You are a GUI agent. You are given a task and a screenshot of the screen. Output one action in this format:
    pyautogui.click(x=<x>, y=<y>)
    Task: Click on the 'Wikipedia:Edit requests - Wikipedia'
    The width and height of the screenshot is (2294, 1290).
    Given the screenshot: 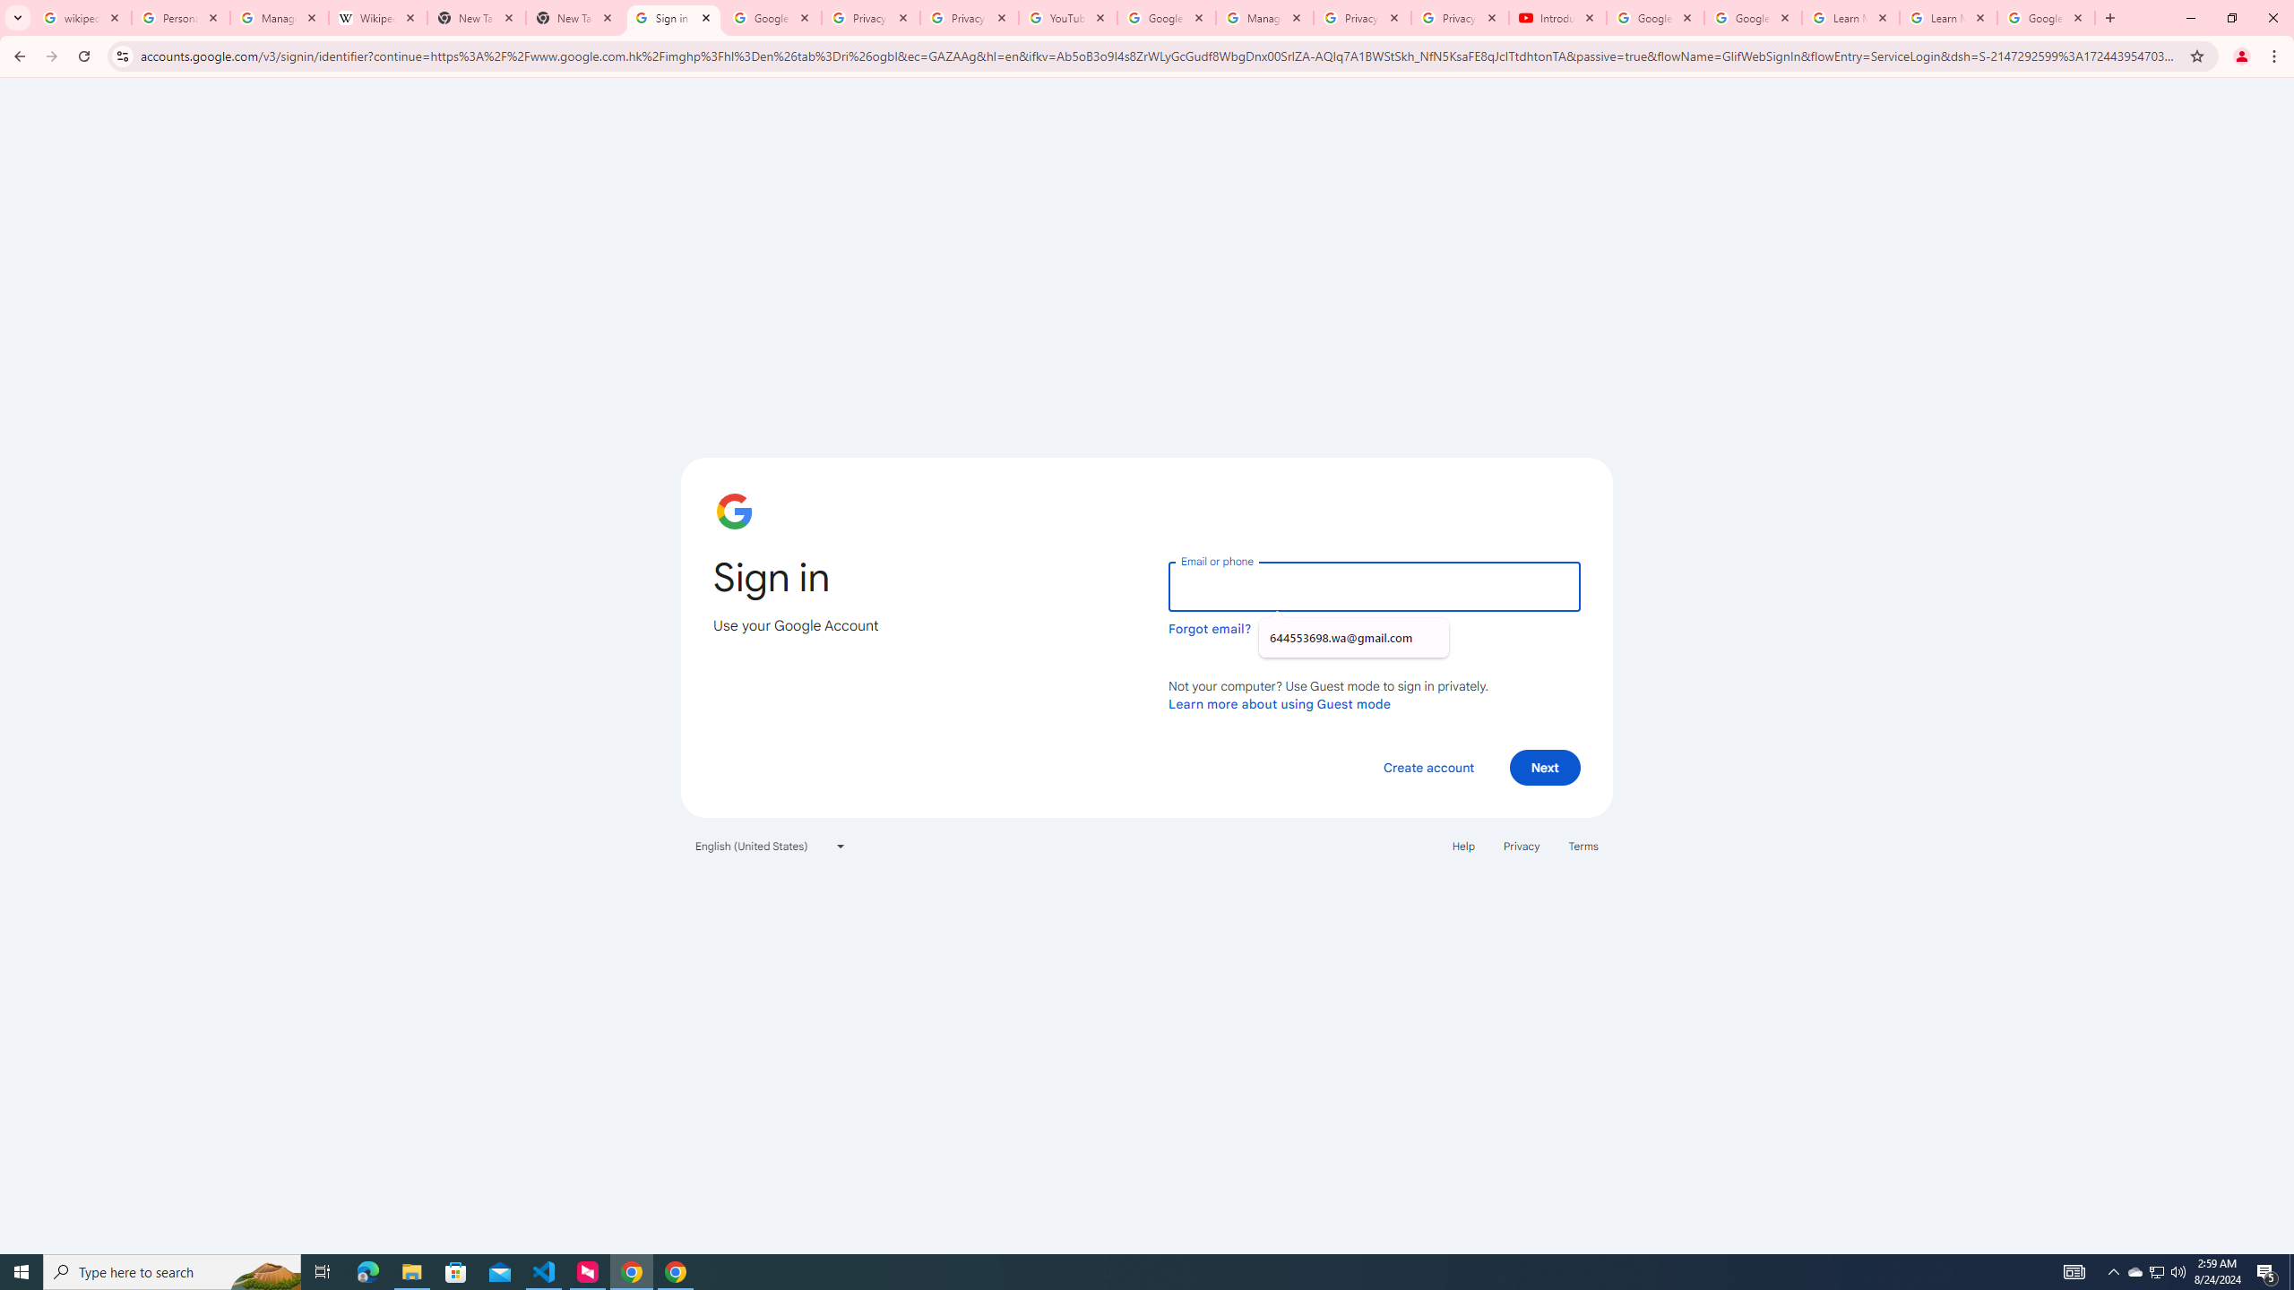 What is the action you would take?
    pyautogui.click(x=377, y=17)
    